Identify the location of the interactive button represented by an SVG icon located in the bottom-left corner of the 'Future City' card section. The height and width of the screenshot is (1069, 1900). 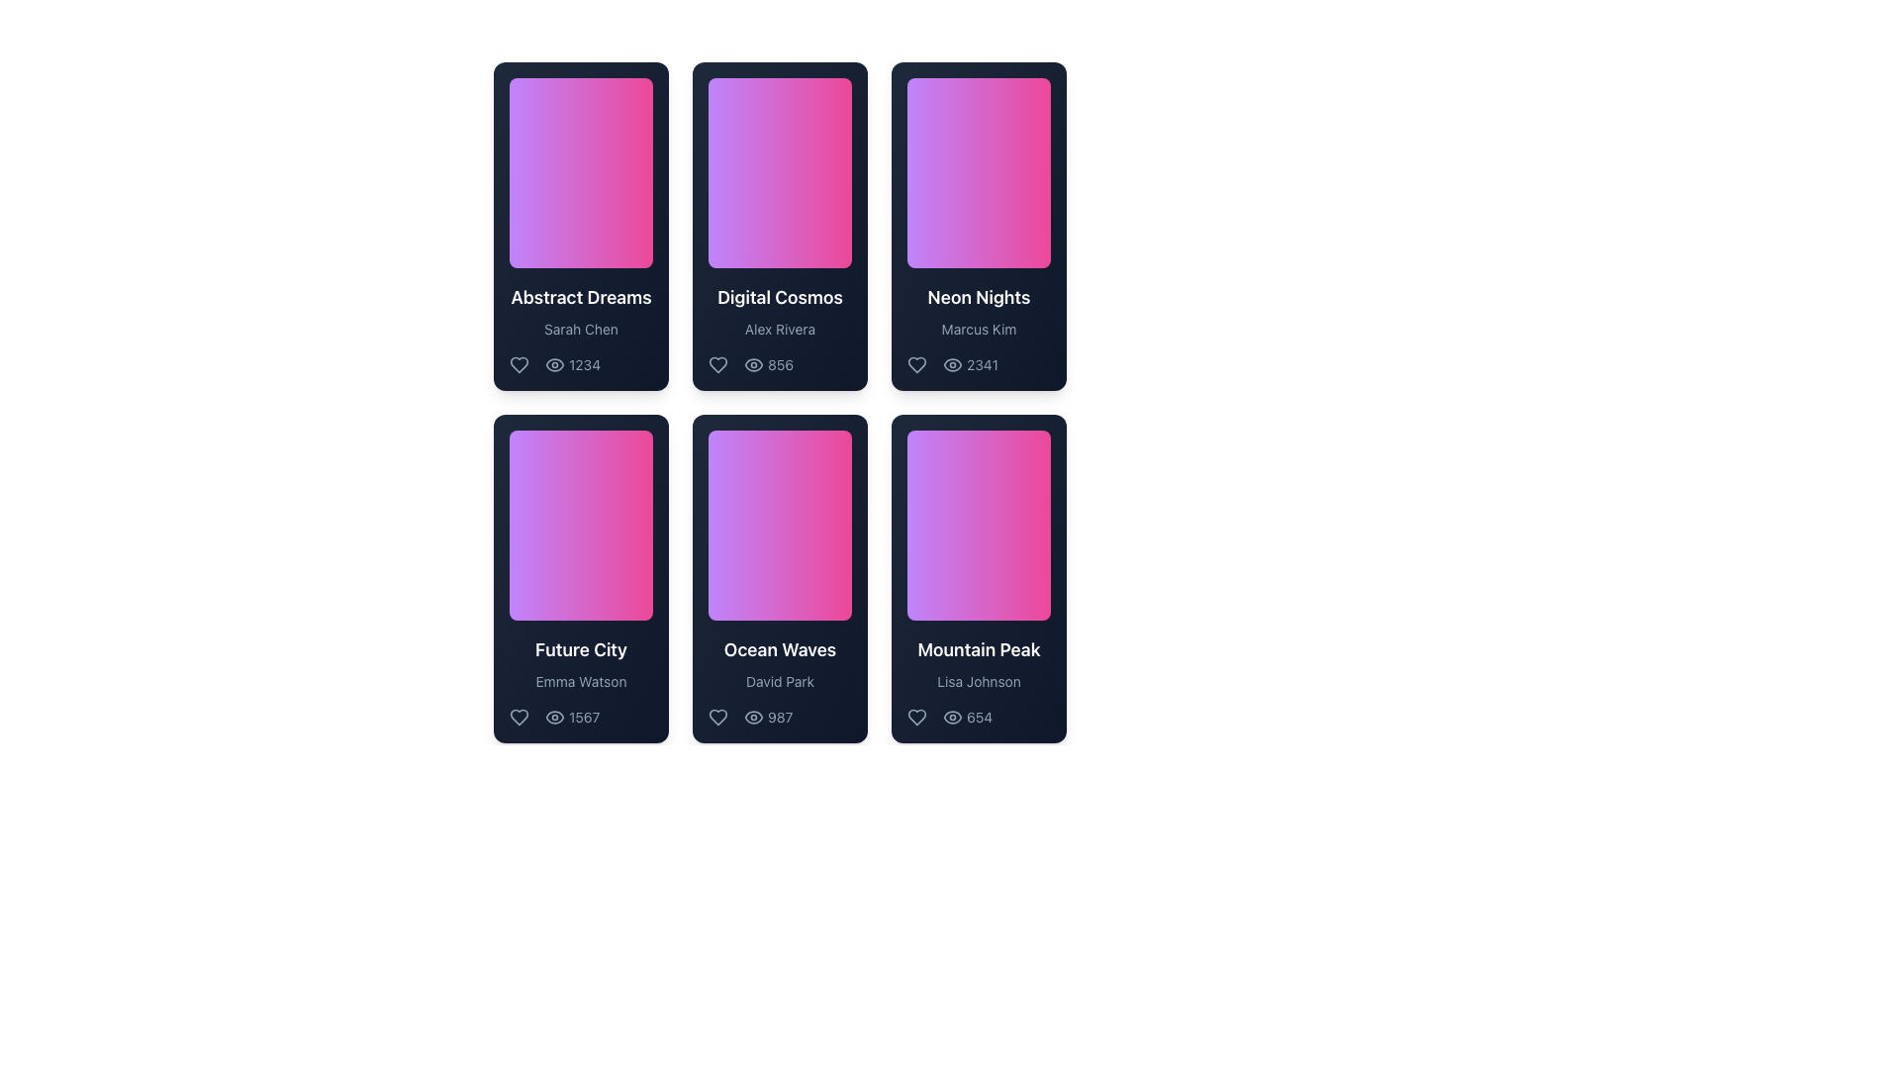
(519, 718).